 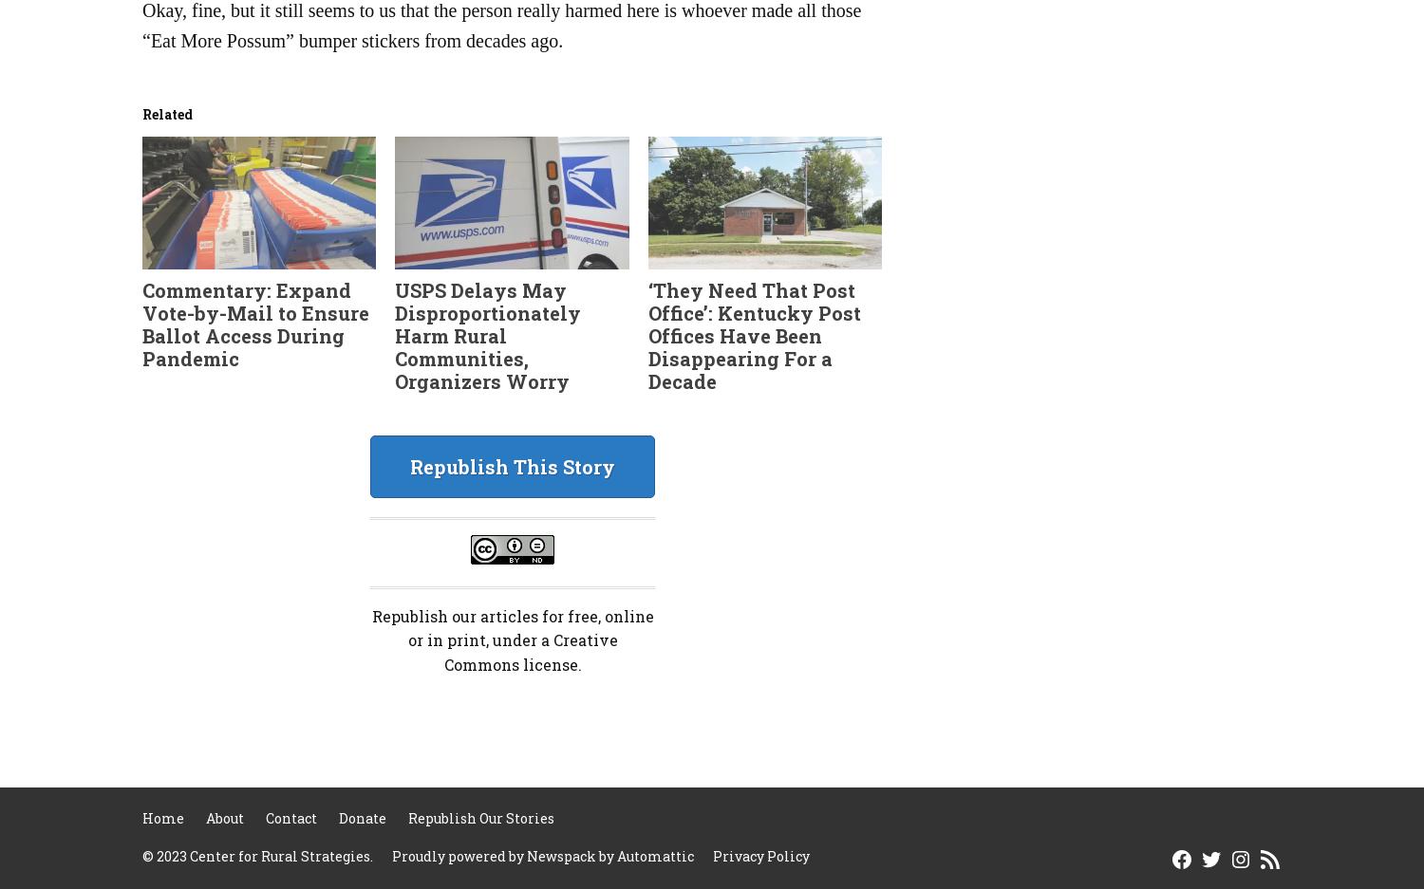 I want to click on 'Home', so click(x=163, y=818).